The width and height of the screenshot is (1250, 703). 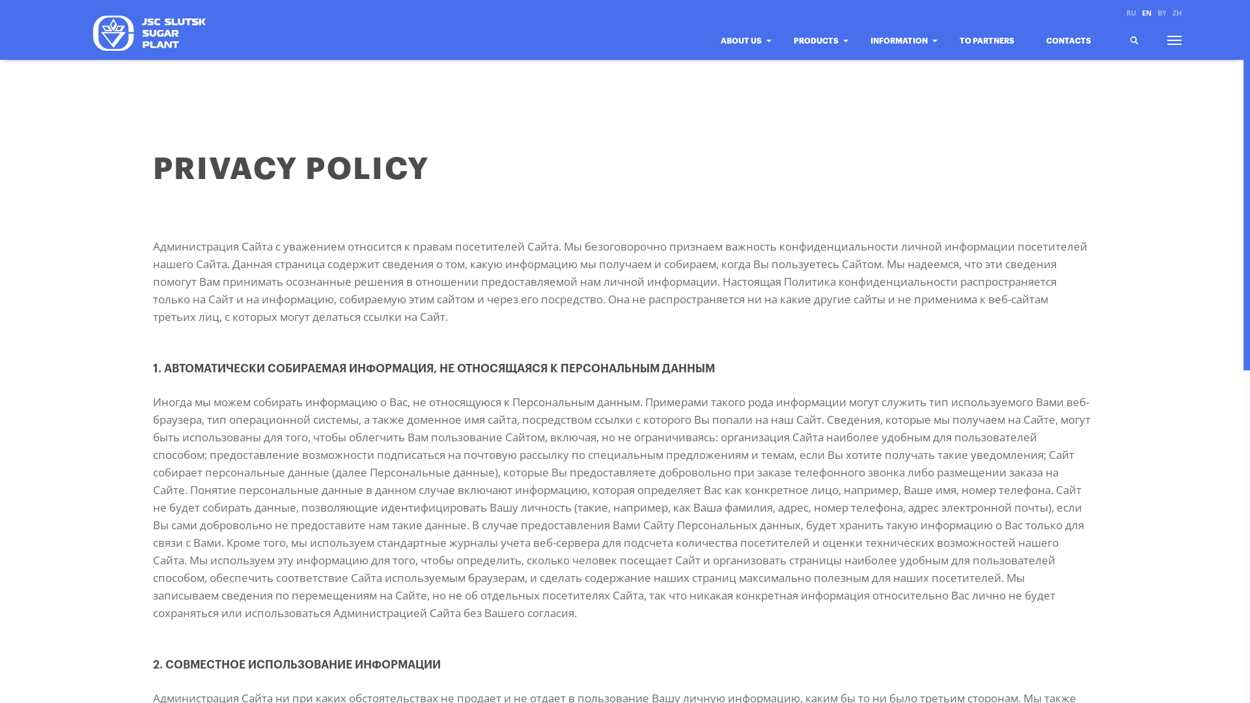 What do you see at coordinates (1162, 12) in the screenshot?
I see `'BY'` at bounding box center [1162, 12].